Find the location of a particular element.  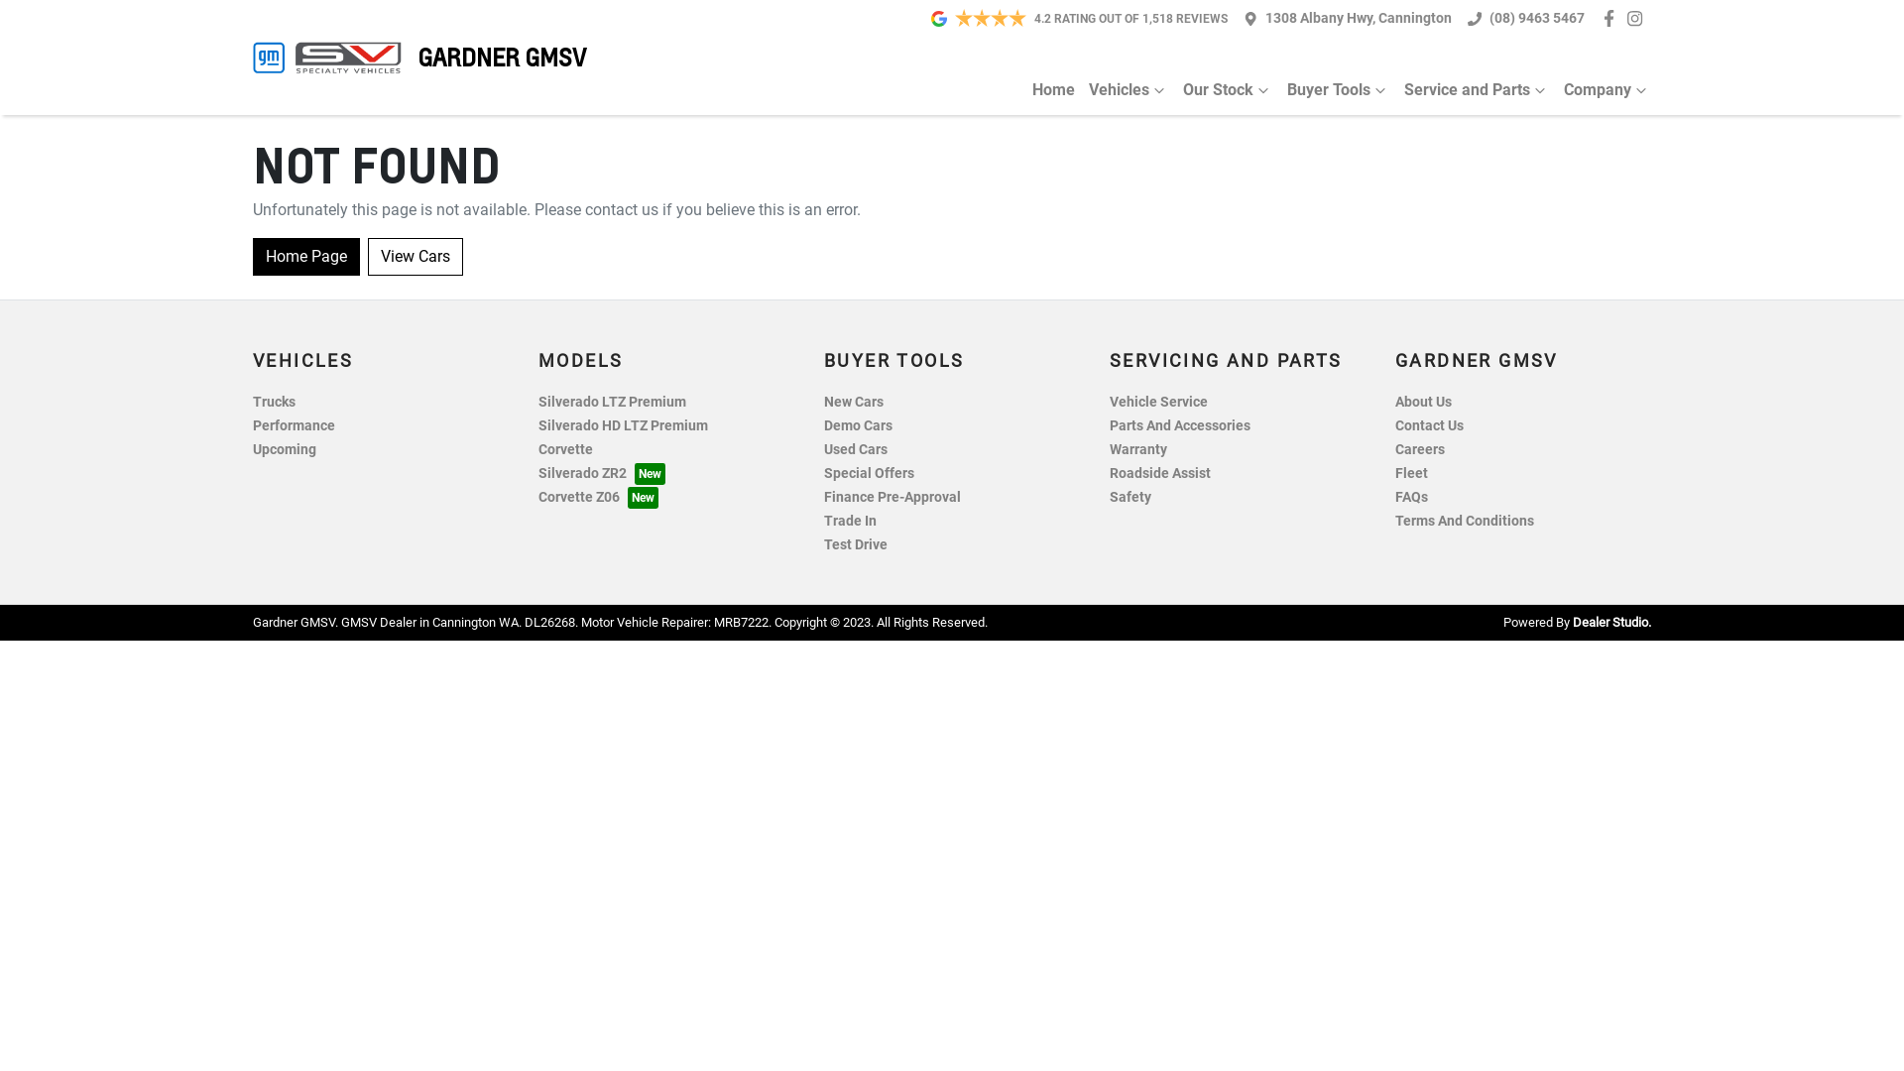

'Roadside Assist' is located at coordinates (1108, 473).